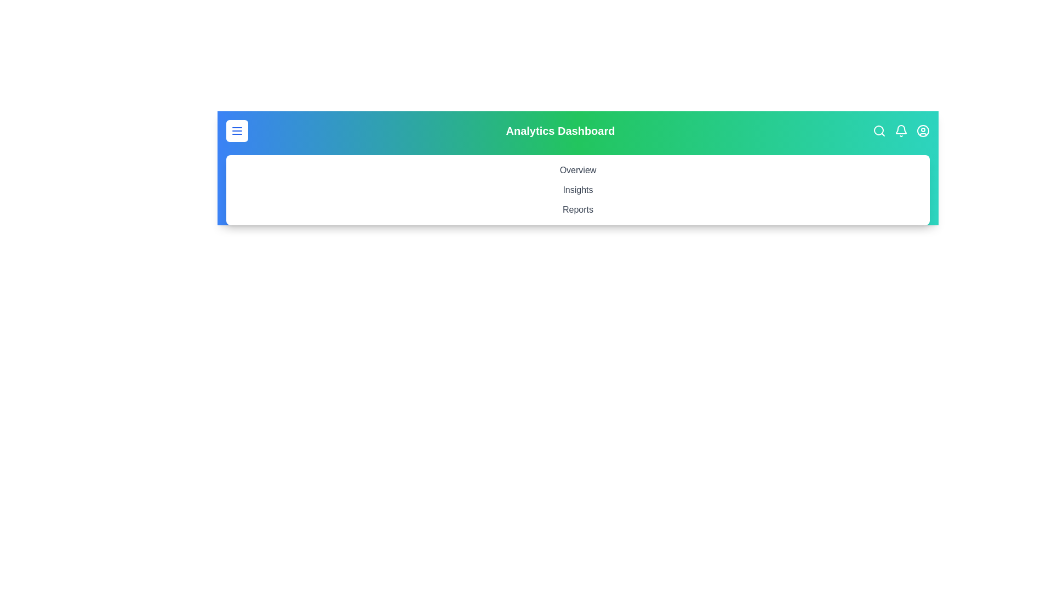 Image resolution: width=1052 pixels, height=592 pixels. What do you see at coordinates (879, 130) in the screenshot?
I see `the search icon to activate the search functionality` at bounding box center [879, 130].